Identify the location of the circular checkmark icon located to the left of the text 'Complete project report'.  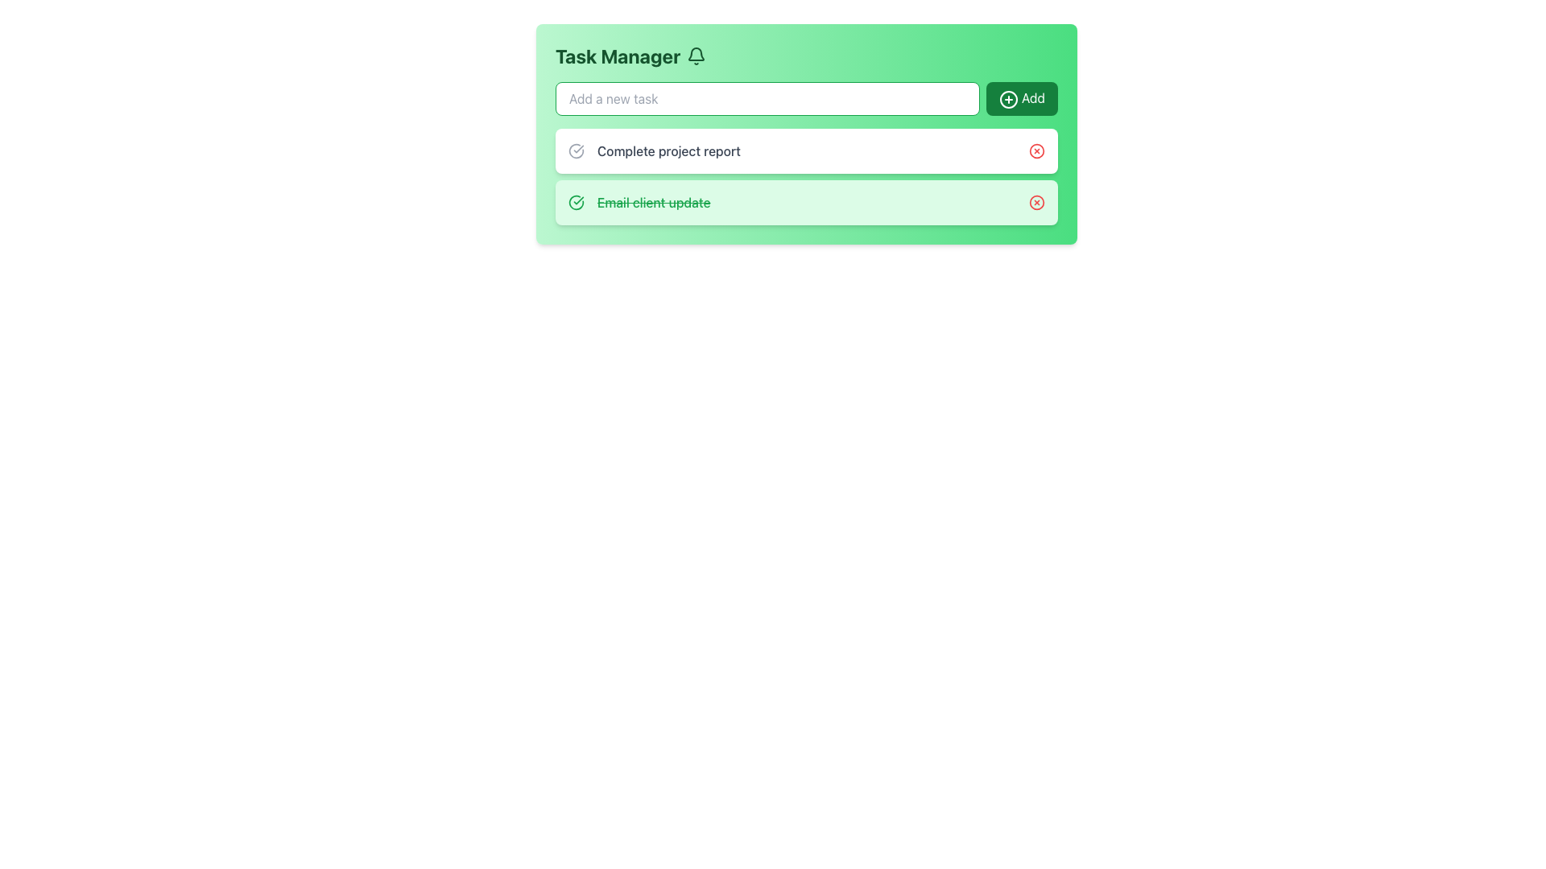
(576, 151).